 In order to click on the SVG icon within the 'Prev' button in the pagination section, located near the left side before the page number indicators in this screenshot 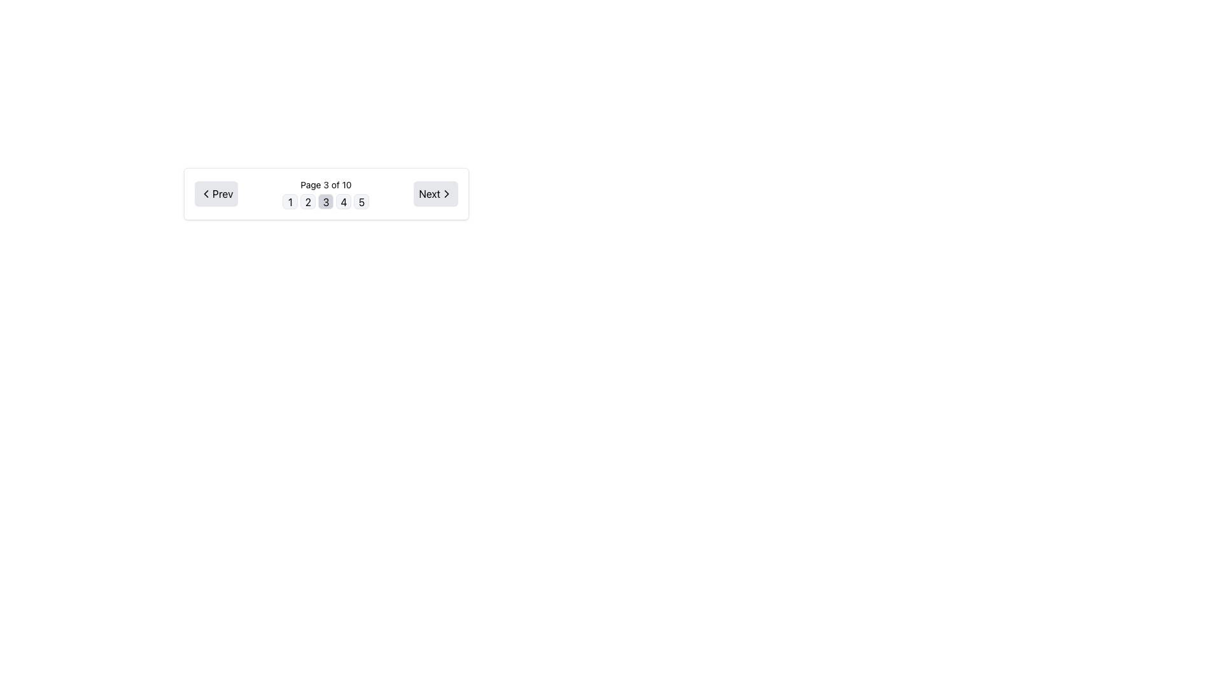, I will do `click(206, 193)`.